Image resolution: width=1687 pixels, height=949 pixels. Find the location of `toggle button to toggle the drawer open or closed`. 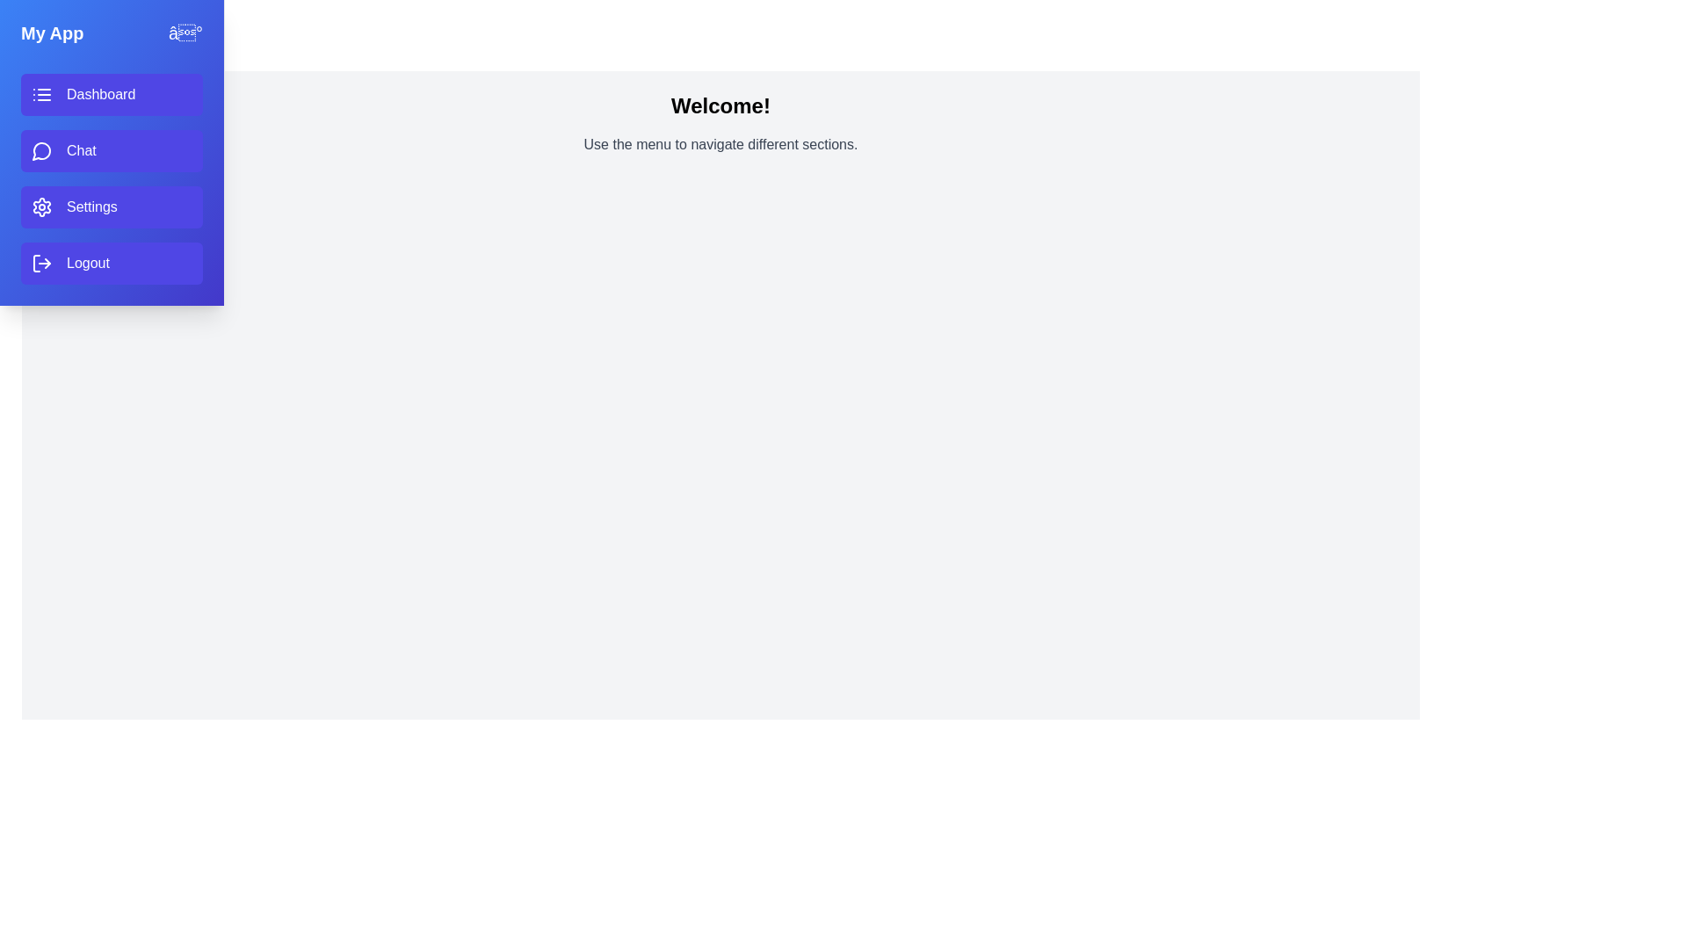

toggle button to toggle the drawer open or closed is located at coordinates (185, 33).